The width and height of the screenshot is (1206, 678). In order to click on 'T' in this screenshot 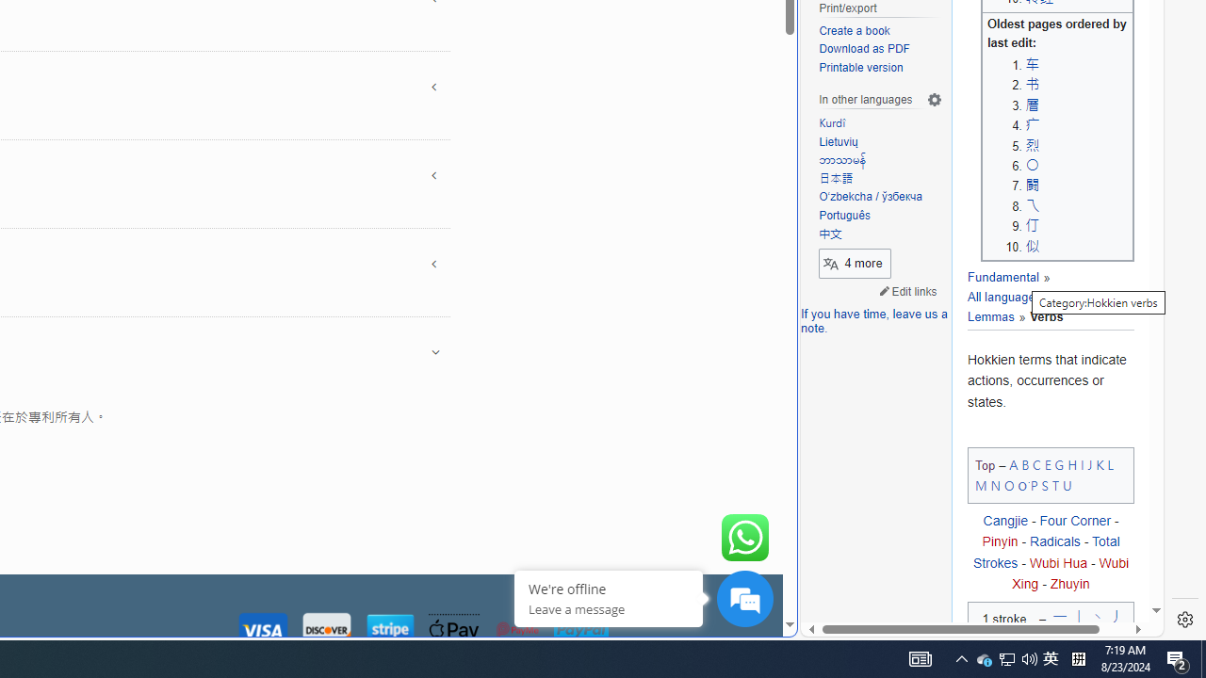, I will do `click(1055, 484)`.